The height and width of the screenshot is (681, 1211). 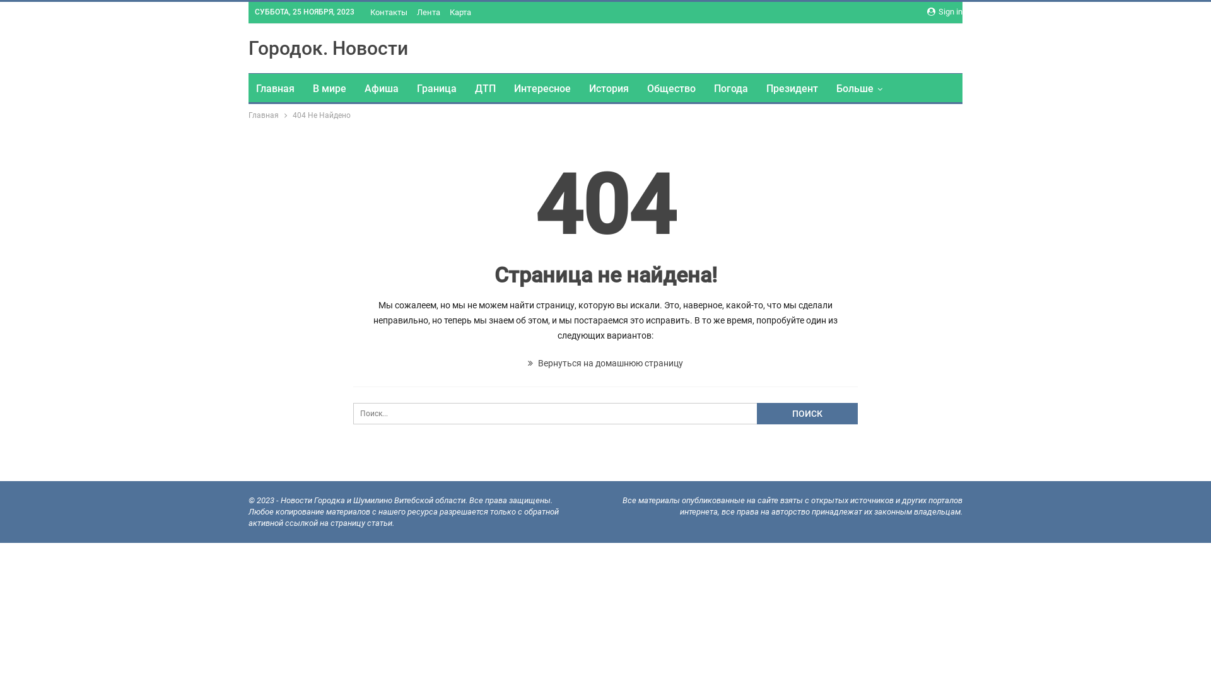 What do you see at coordinates (927, 12) in the screenshot?
I see `'Sign in'` at bounding box center [927, 12].